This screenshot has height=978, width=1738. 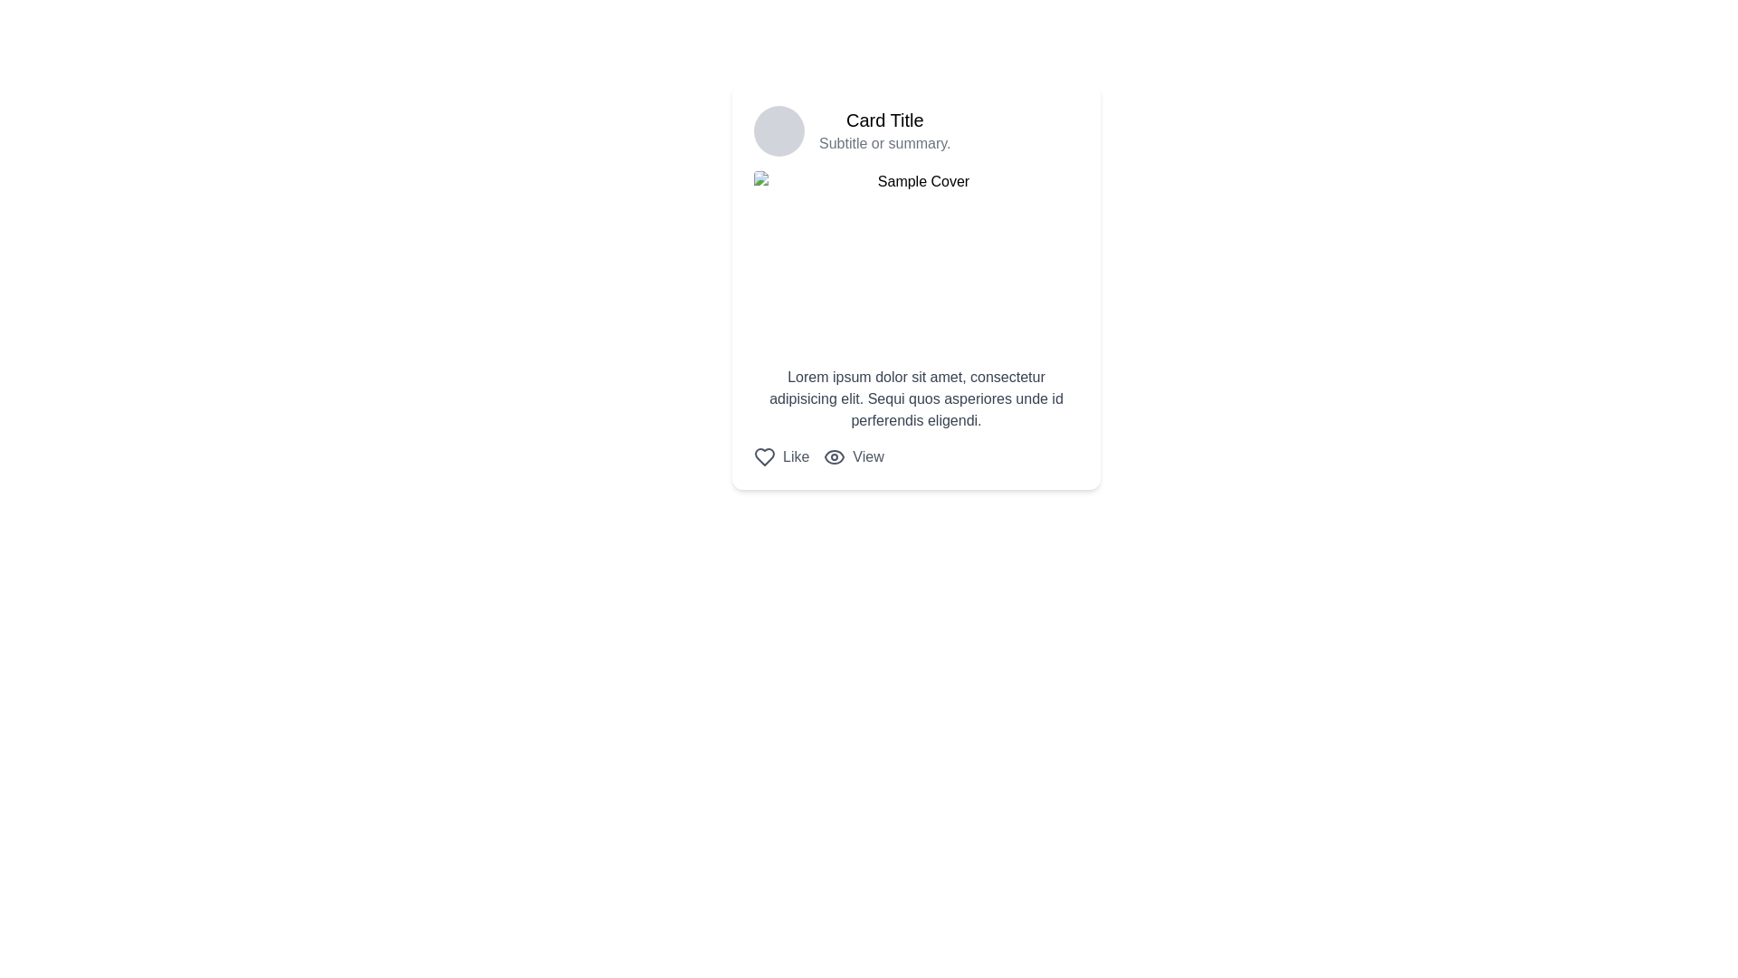 What do you see at coordinates (764, 456) in the screenshot?
I see `the heart-shaped SVG Vector Icon located at the bottom-left corner of the card layout` at bounding box center [764, 456].